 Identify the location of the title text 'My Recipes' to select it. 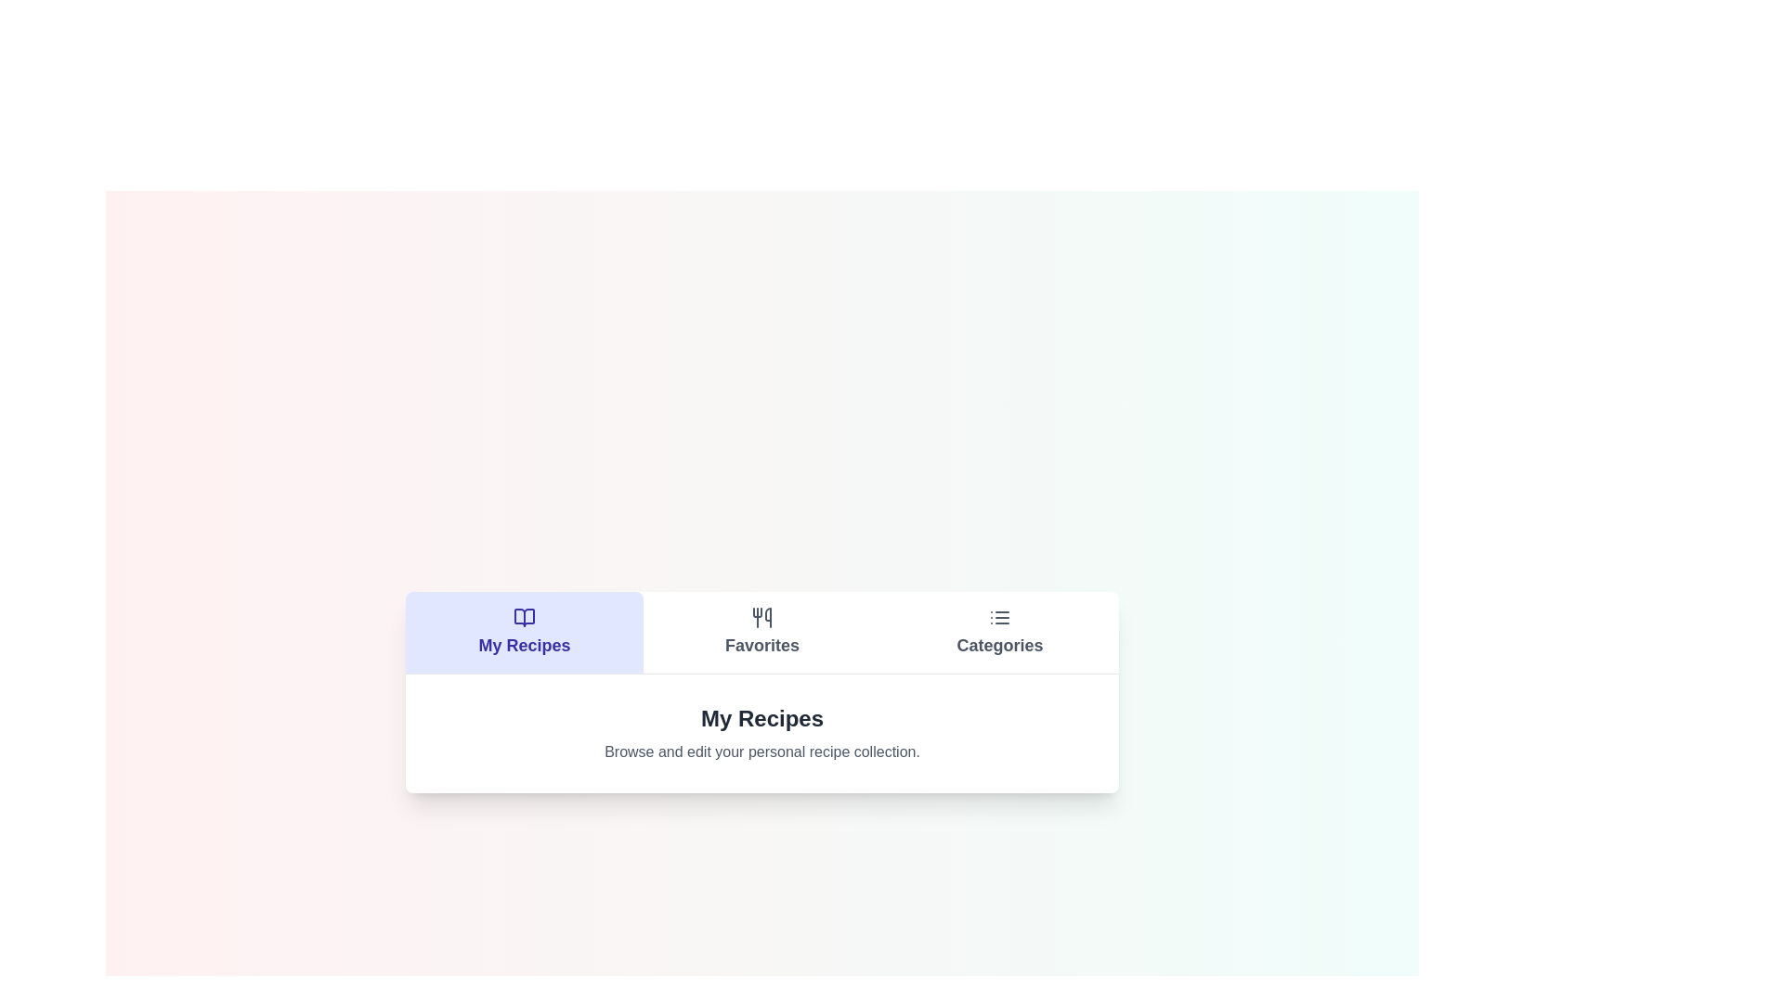
(761, 717).